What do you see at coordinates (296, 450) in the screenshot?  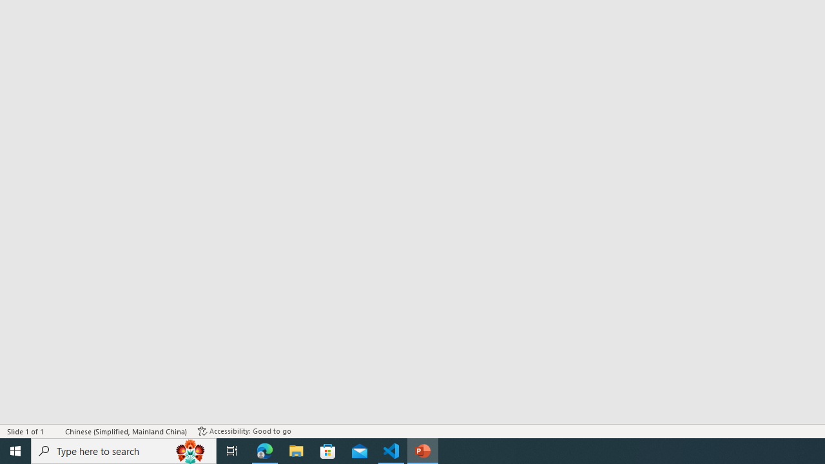 I see `'File Explorer'` at bounding box center [296, 450].